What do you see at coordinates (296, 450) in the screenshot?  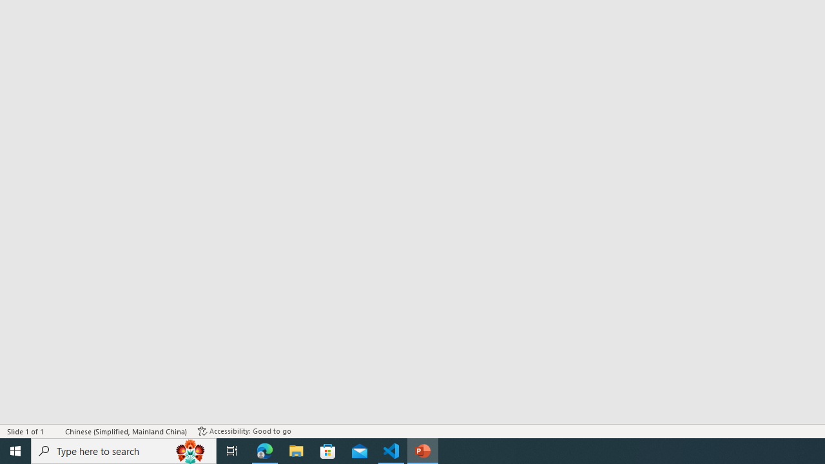 I see `'File Explorer'` at bounding box center [296, 450].